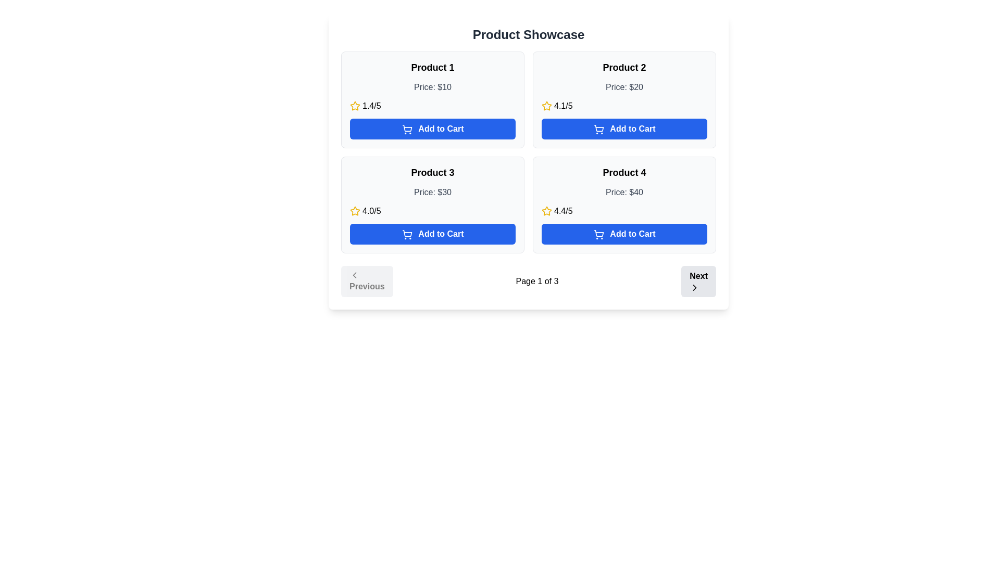  I want to click on the rating information displayed within the top-left product card in the grid of product listings, so click(432, 100).